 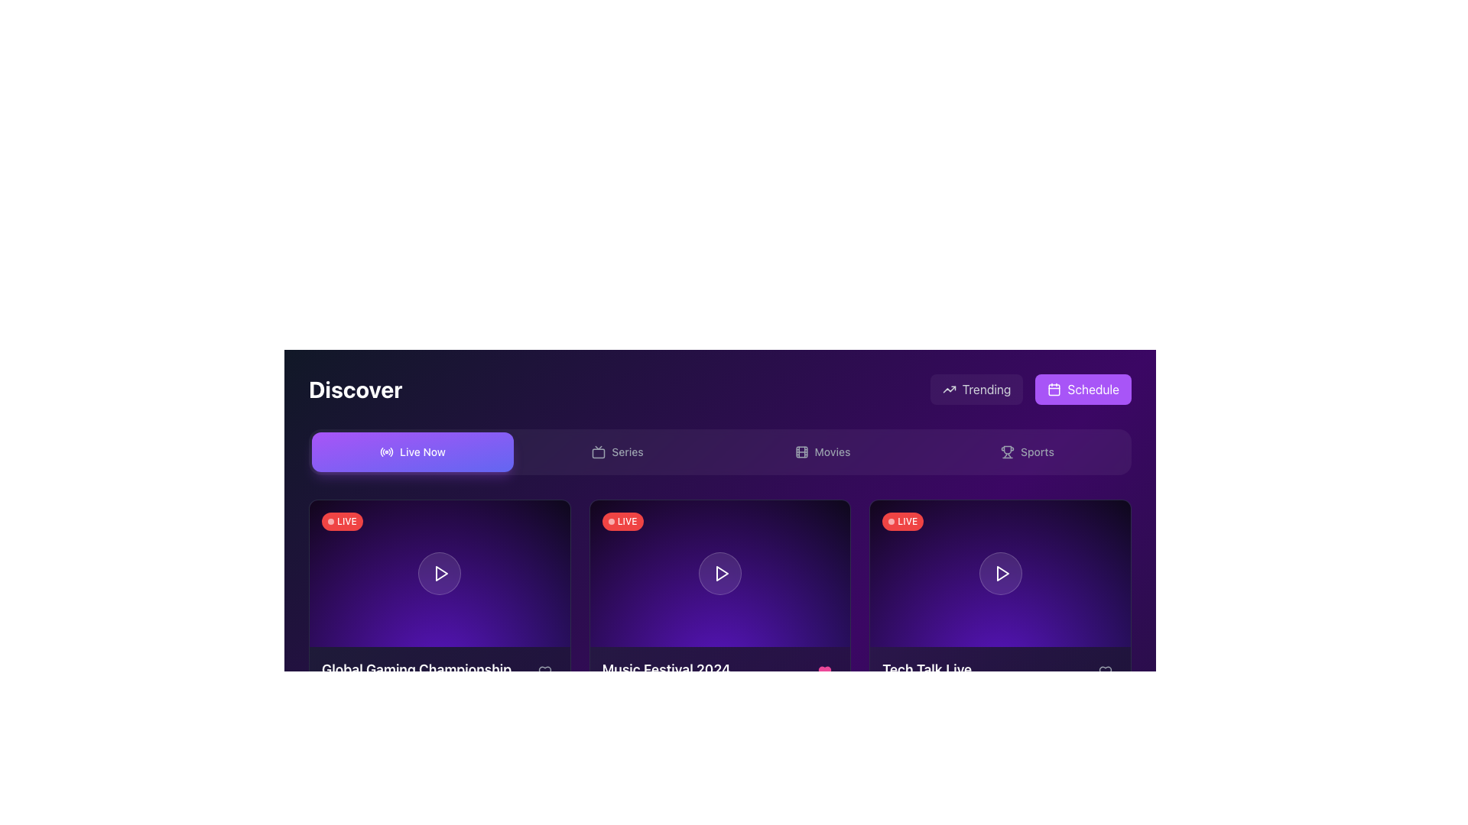 What do you see at coordinates (439, 671) in the screenshot?
I see `the 'Global Gaming Championship' headline with the heart icon component located in the first card of the 'Discover' section` at bounding box center [439, 671].